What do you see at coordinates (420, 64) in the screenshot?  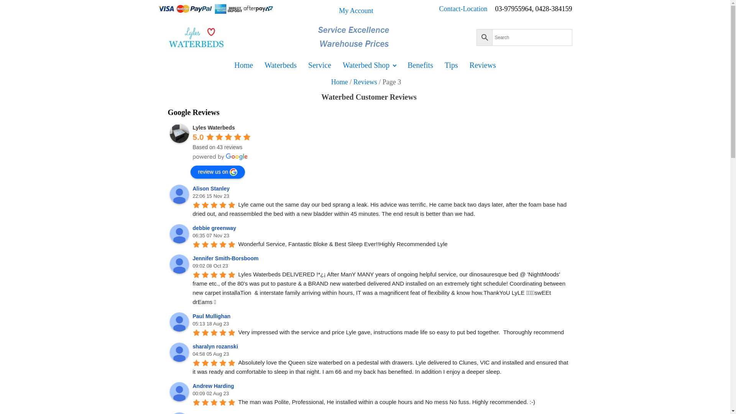 I see `'Benefits'` at bounding box center [420, 64].